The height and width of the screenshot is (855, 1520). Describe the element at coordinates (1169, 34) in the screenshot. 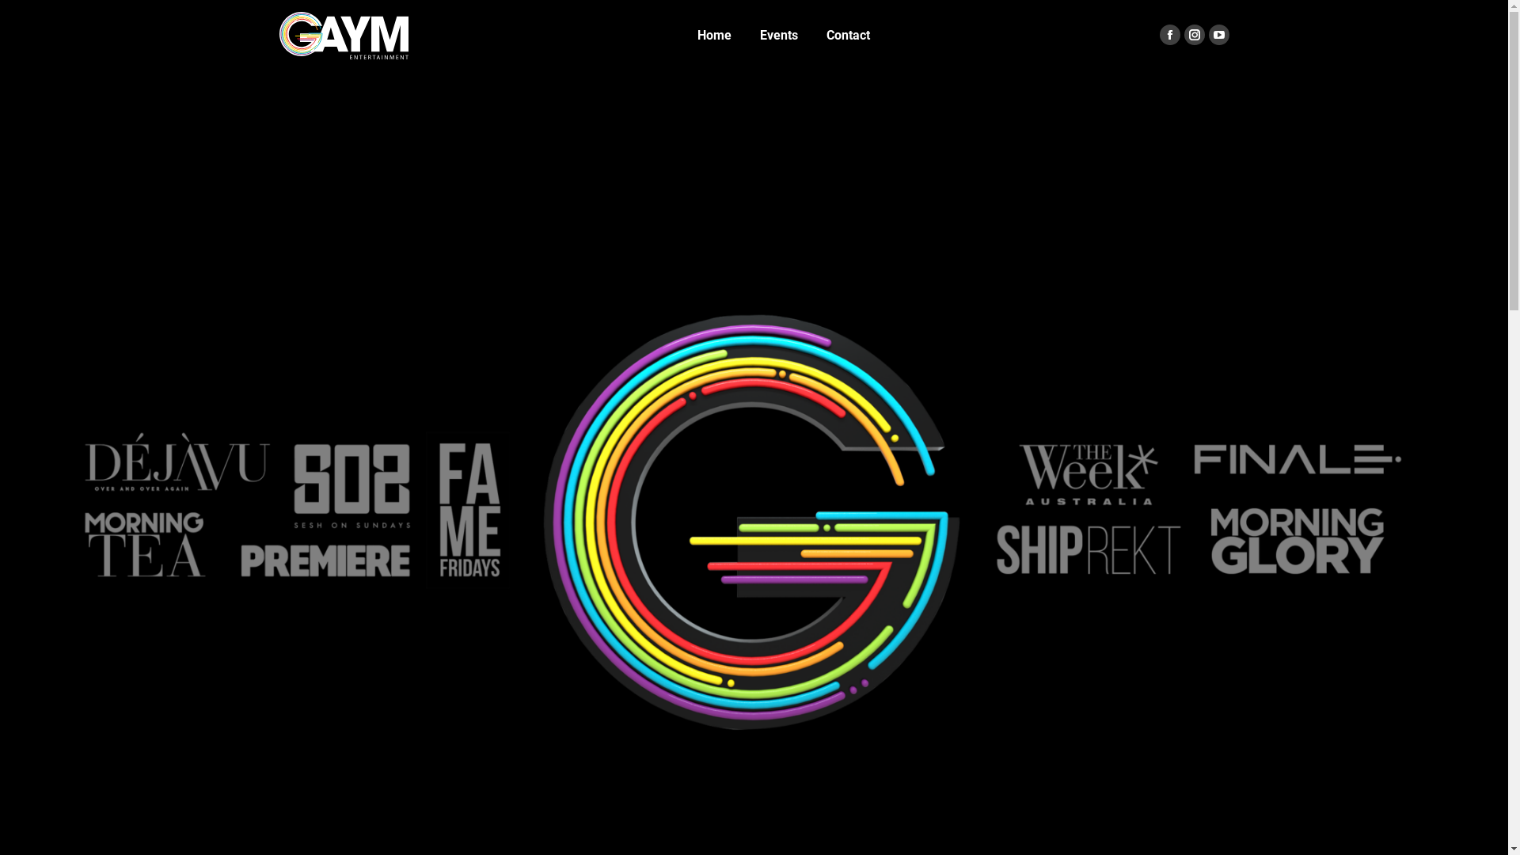

I see `'Facebook page opens in new window'` at that location.